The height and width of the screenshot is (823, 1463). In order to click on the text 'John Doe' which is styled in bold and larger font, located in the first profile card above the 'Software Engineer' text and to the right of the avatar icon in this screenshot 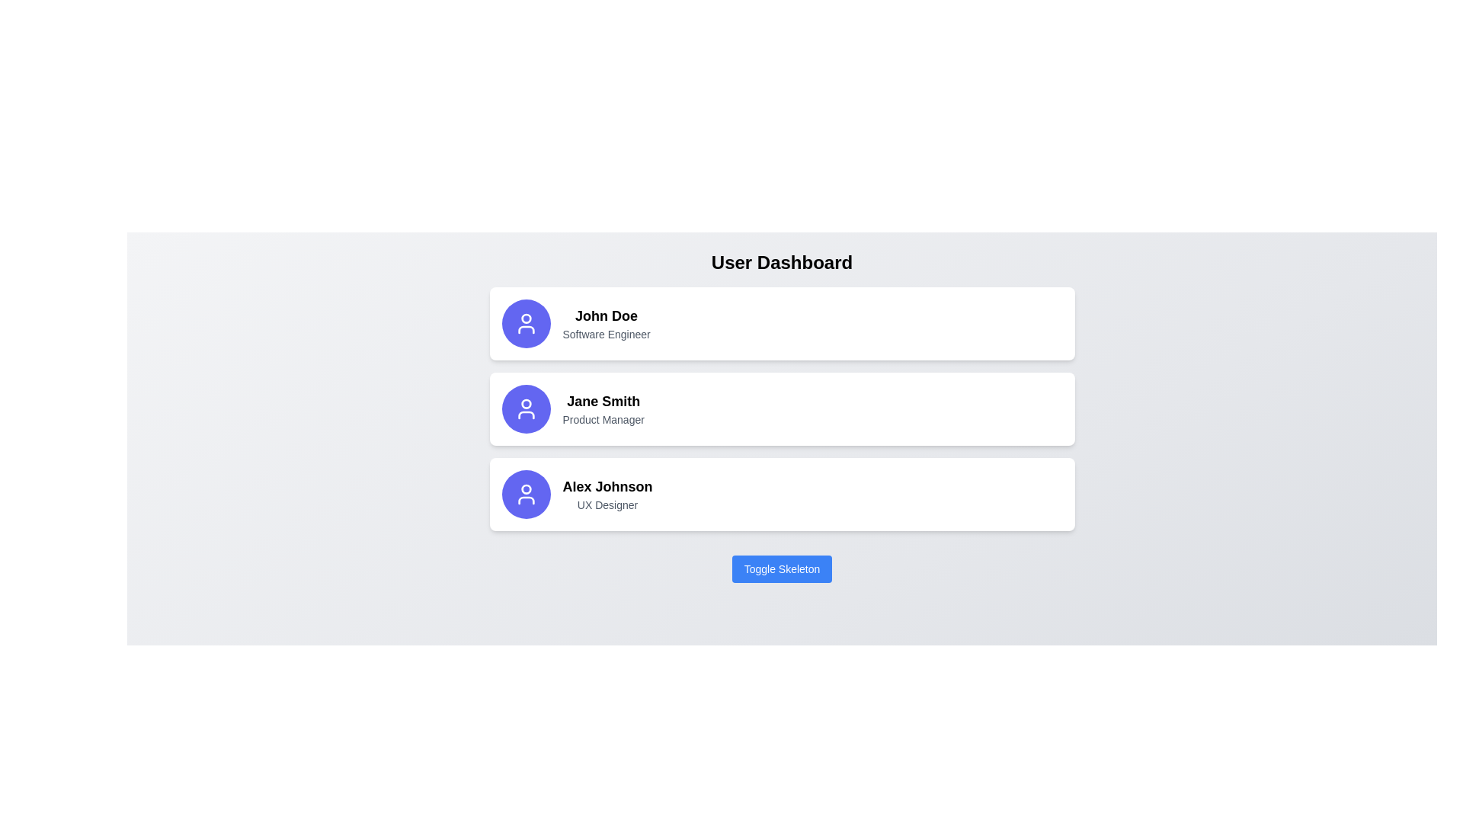, I will do `click(606, 315)`.